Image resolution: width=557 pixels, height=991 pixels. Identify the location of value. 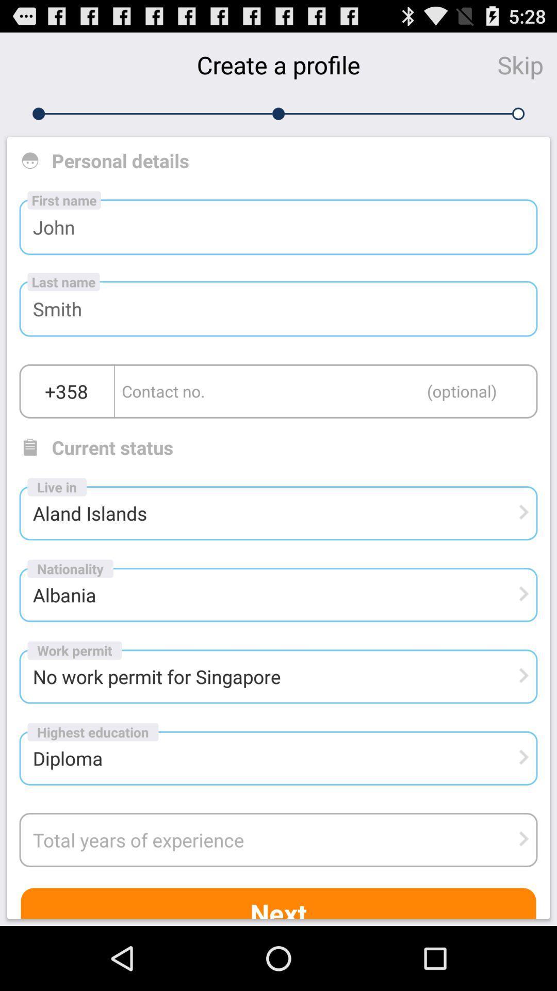
(326, 391).